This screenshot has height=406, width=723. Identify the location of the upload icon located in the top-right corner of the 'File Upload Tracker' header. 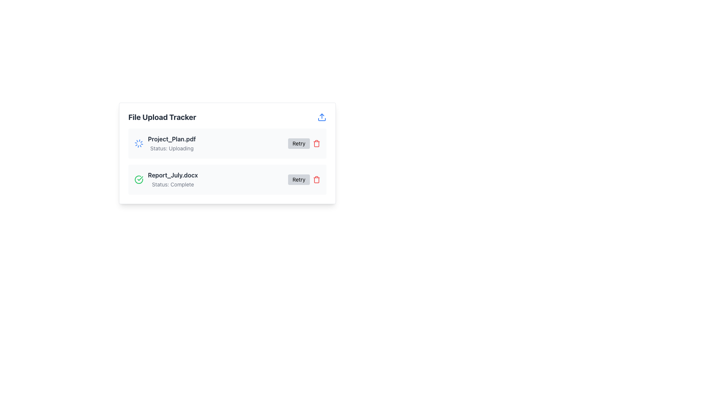
(322, 117).